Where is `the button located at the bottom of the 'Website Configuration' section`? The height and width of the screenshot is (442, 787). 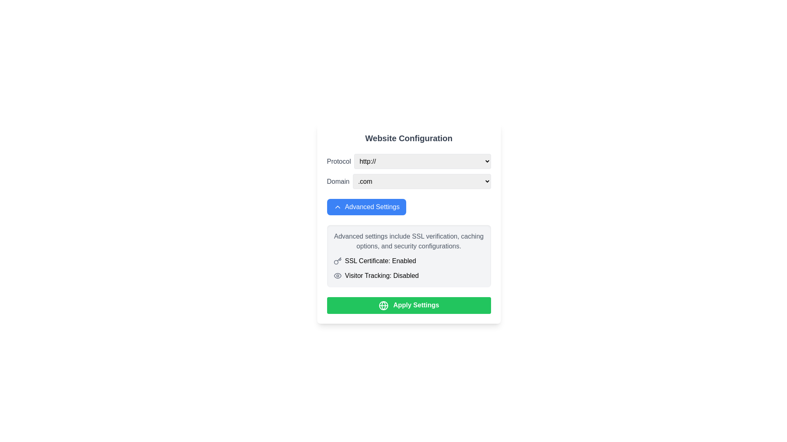 the button located at the bottom of the 'Website Configuration' section is located at coordinates (409, 305).